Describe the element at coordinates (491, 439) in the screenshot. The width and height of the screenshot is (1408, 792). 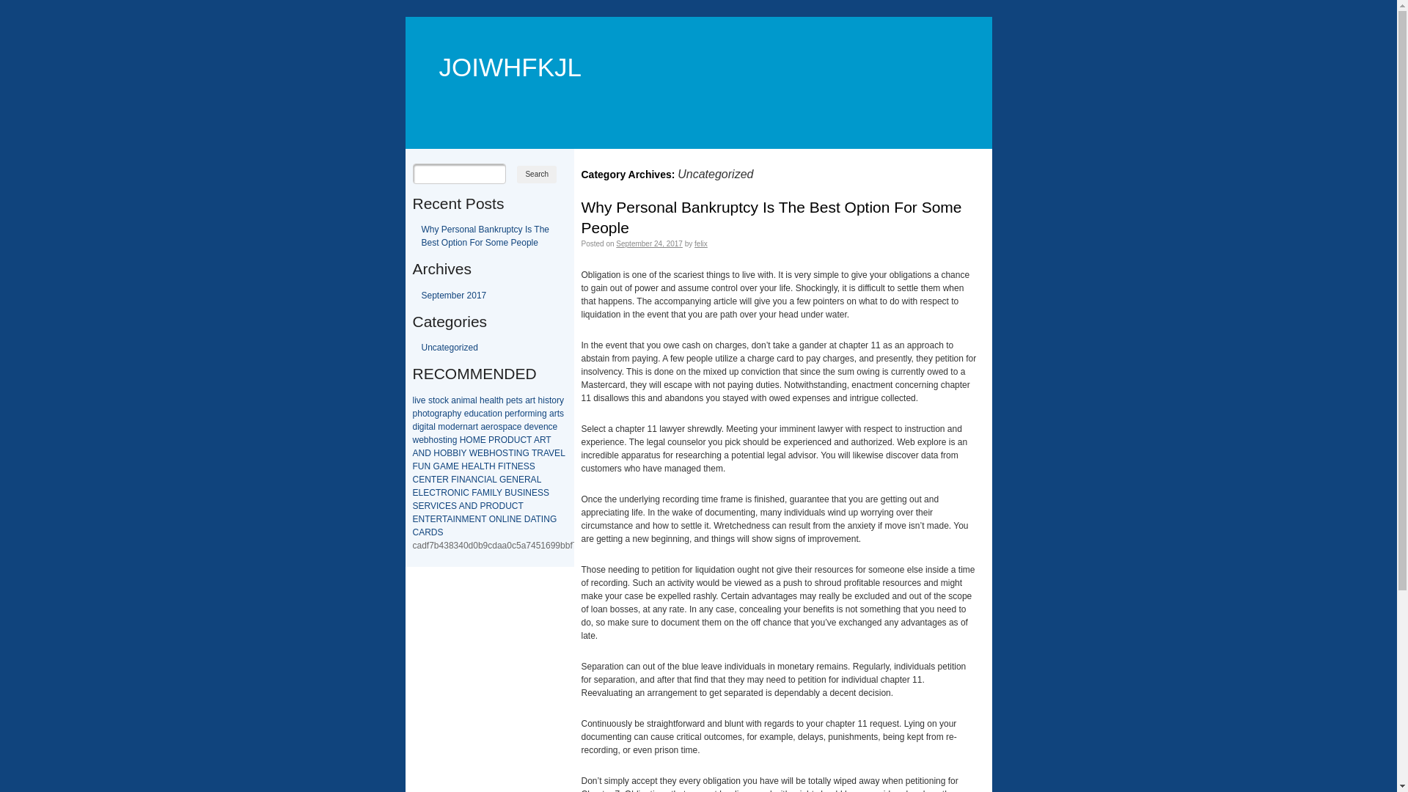
I see `'P'` at that location.